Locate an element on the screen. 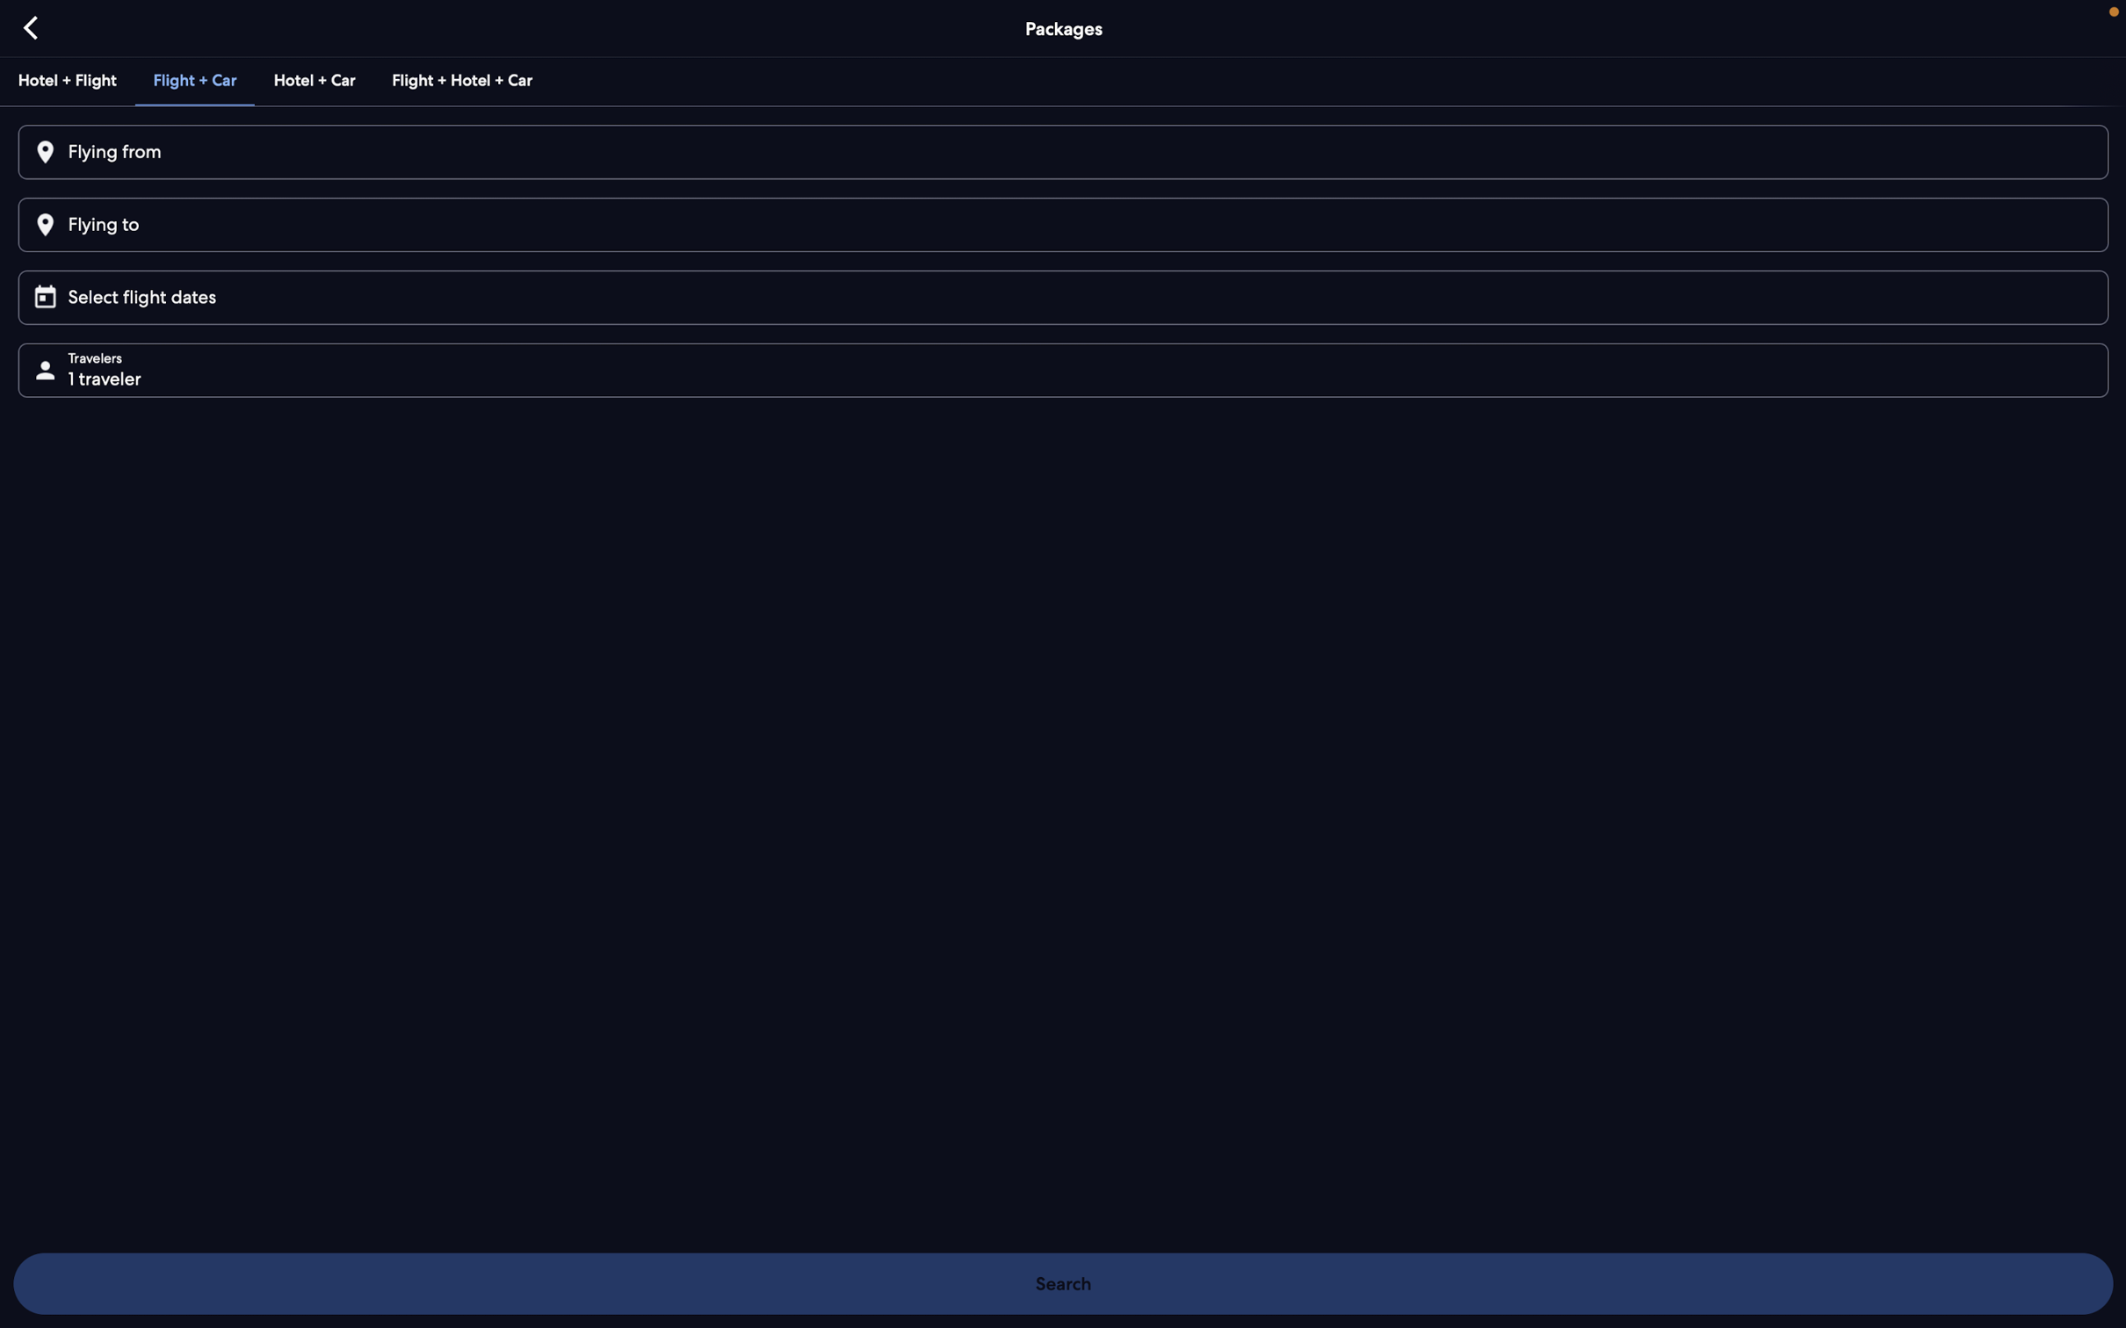 The width and height of the screenshot is (2126, 1328). Fill "Paris" on the destination input box and confirm with enter is located at coordinates (1060, 224).